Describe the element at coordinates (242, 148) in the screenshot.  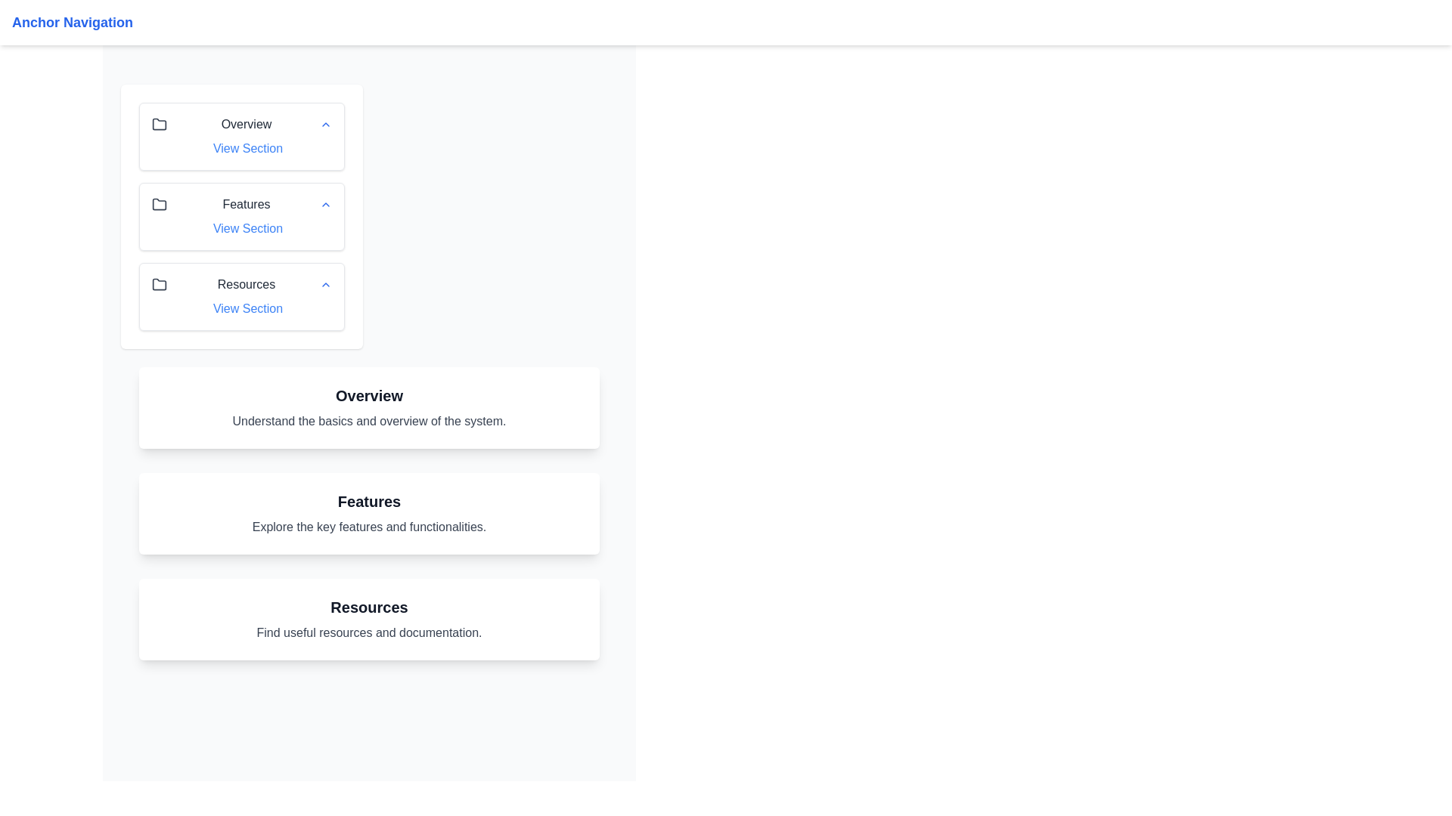
I see `the 'View Section' hyperlink, which is styled in blue and appears under the 'Overview' heading in the vertical navigation menu` at that location.